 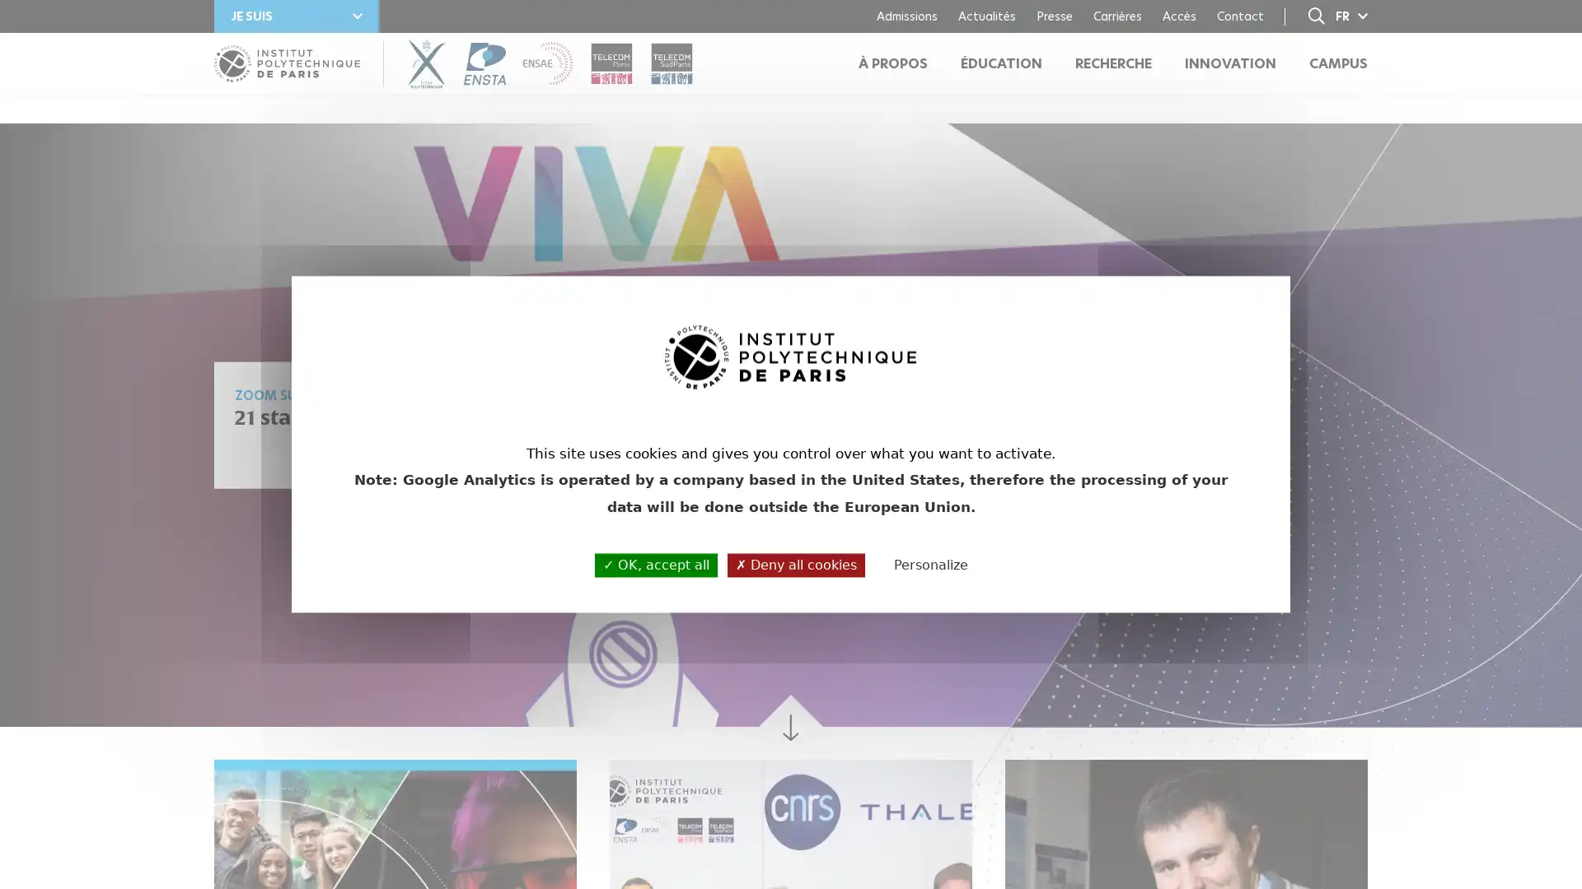 I want to click on OK, accept all, so click(x=655, y=564).